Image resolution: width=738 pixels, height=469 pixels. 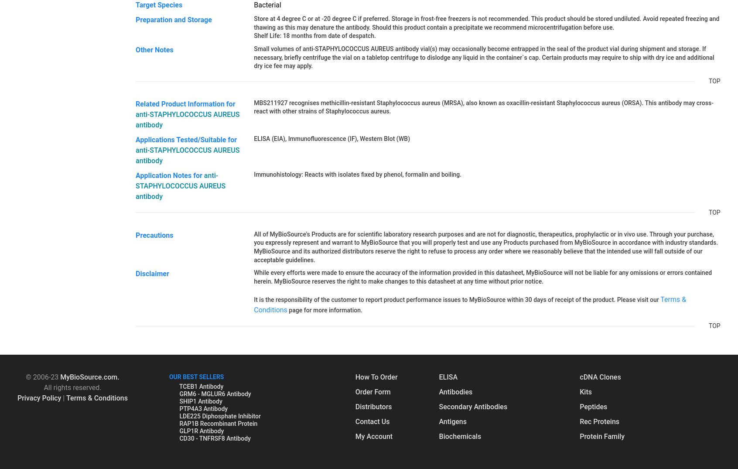 What do you see at coordinates (135, 4) in the screenshot?
I see `'Target Species'` at bounding box center [135, 4].